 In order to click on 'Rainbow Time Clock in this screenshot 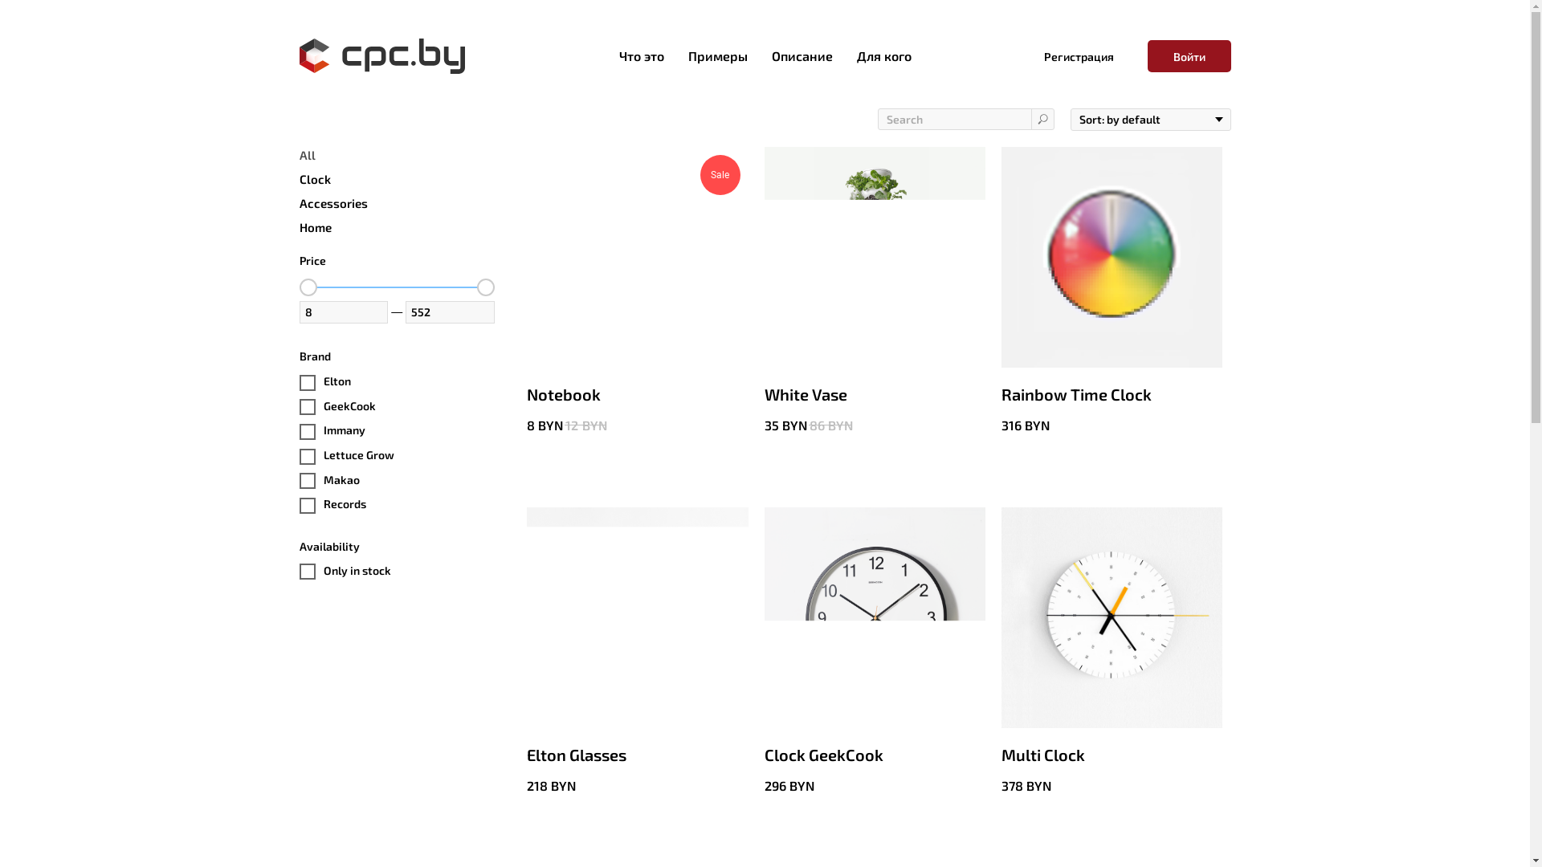, I will do `click(1111, 291)`.